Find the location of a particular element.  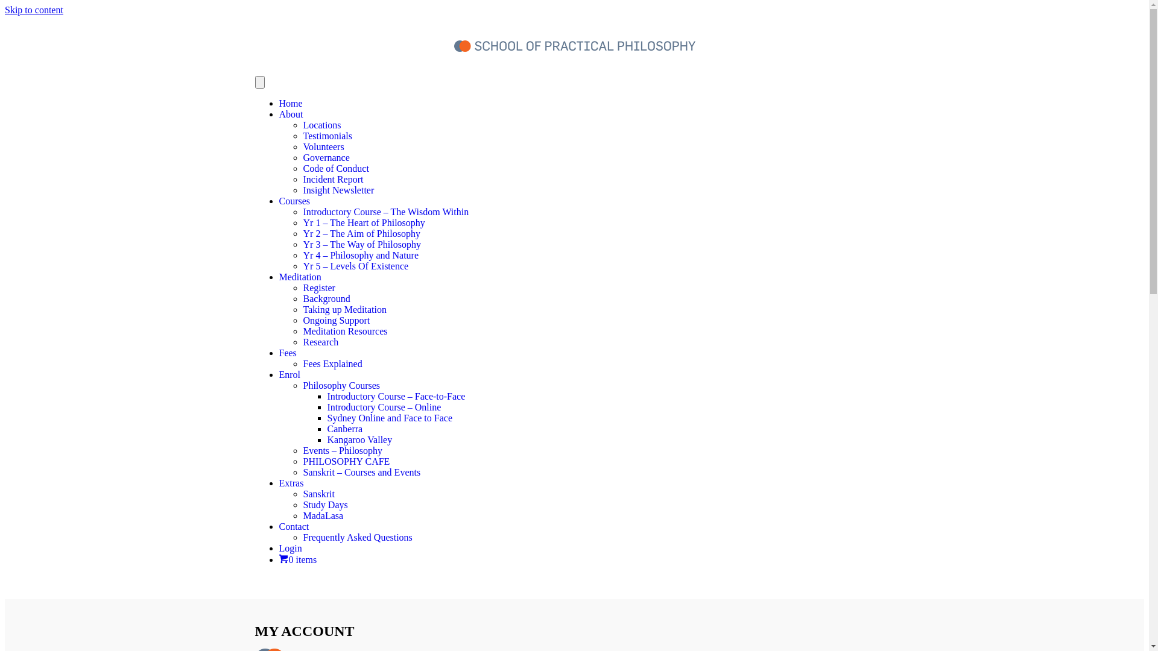

'Code of Conduct' is located at coordinates (303, 168).